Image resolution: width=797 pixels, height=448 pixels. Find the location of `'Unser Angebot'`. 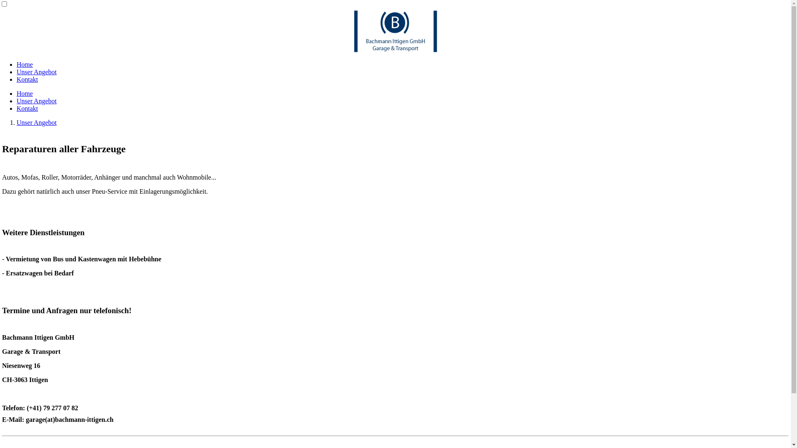

'Unser Angebot' is located at coordinates (16, 122).